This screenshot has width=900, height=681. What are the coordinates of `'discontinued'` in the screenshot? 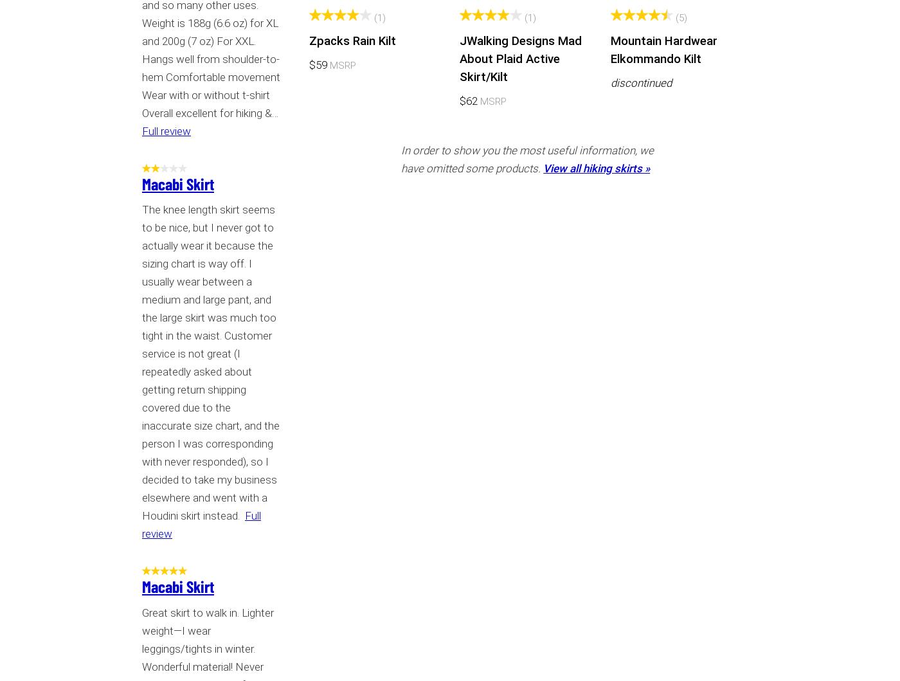 It's located at (641, 82).